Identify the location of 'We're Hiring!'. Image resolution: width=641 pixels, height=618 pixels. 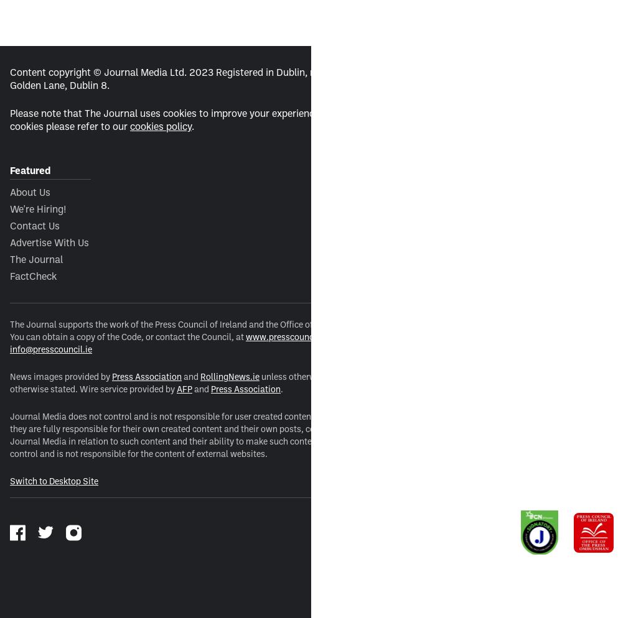
(38, 208).